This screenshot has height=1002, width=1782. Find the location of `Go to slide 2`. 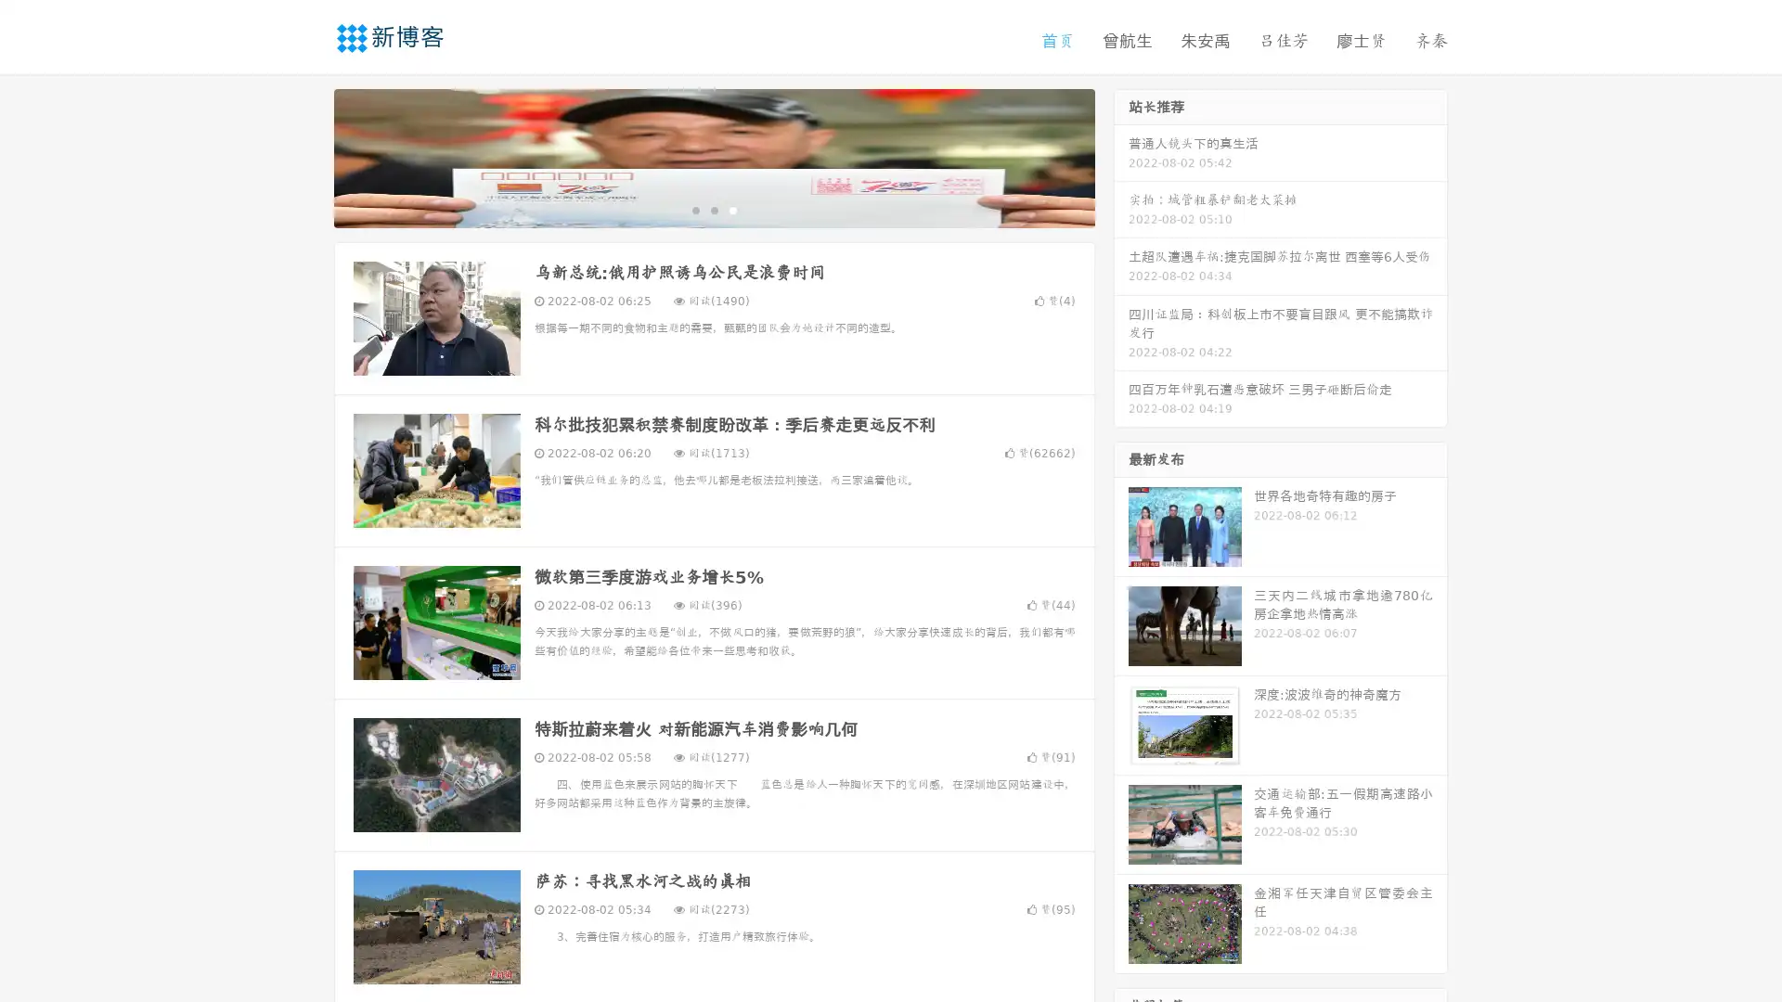

Go to slide 2 is located at coordinates (713, 209).